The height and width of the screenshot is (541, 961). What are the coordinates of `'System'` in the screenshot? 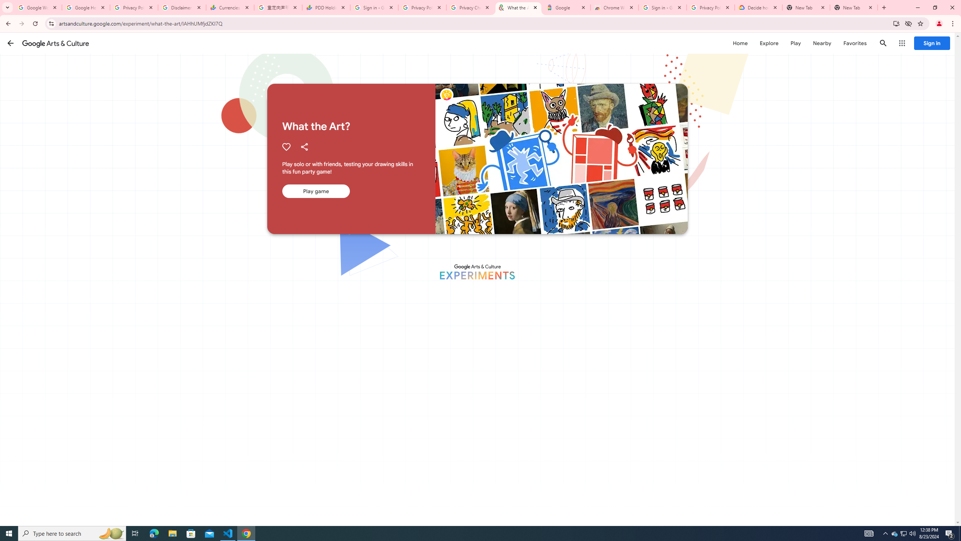 It's located at (4, 3).